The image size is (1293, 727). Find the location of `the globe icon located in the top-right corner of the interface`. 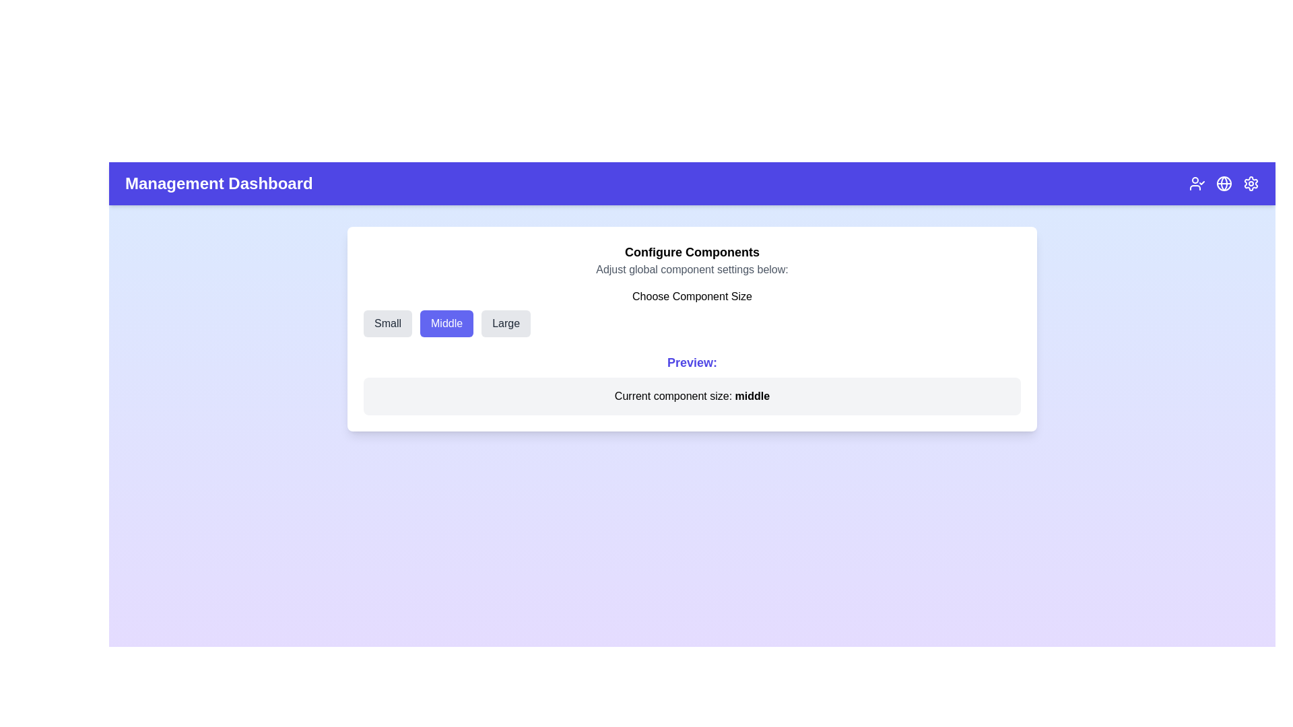

the globe icon located in the top-right corner of the interface is located at coordinates (1224, 184).